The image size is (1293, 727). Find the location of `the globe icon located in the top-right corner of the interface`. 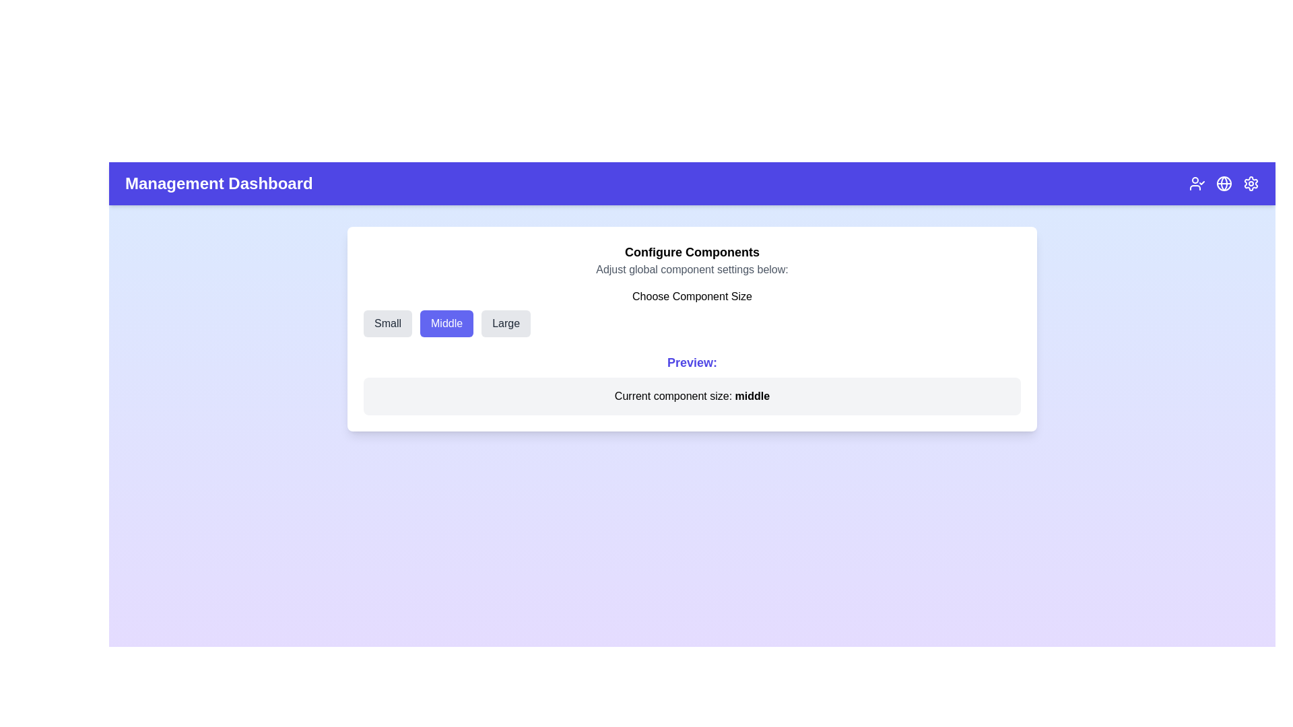

the globe icon located in the top-right corner of the interface is located at coordinates (1224, 184).